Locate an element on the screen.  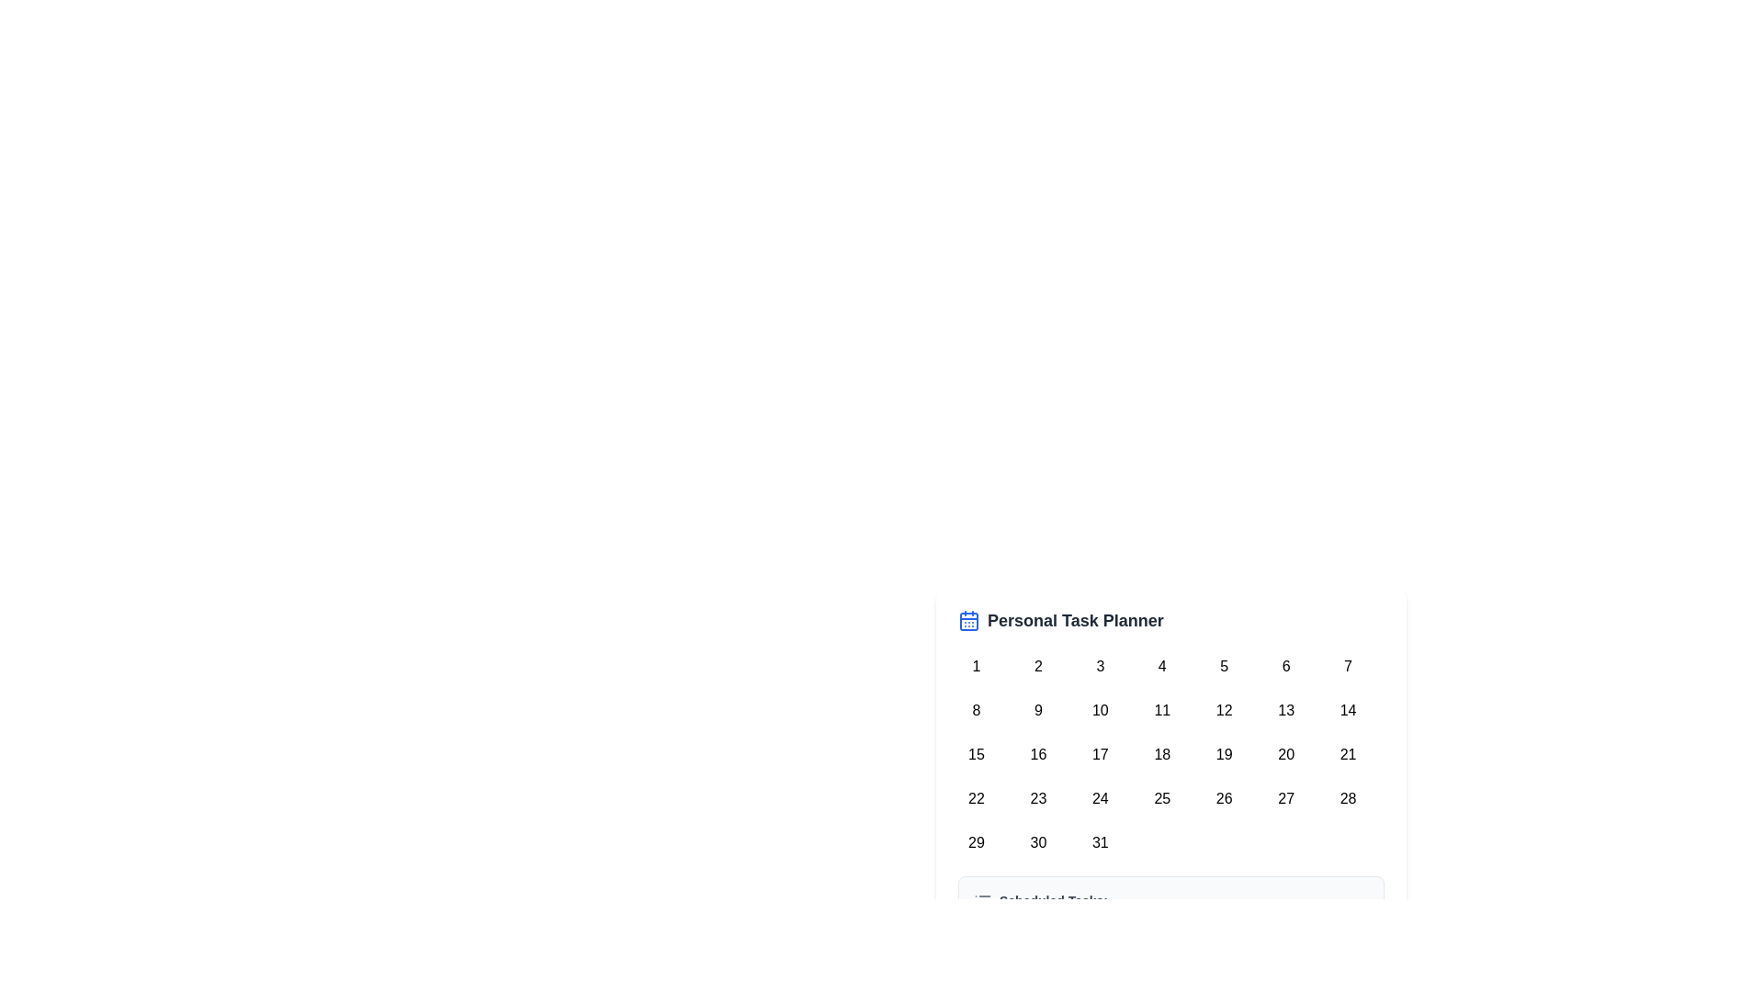
the button representing the date '17' in the Personal Task Planner calendar is located at coordinates (1100, 754).